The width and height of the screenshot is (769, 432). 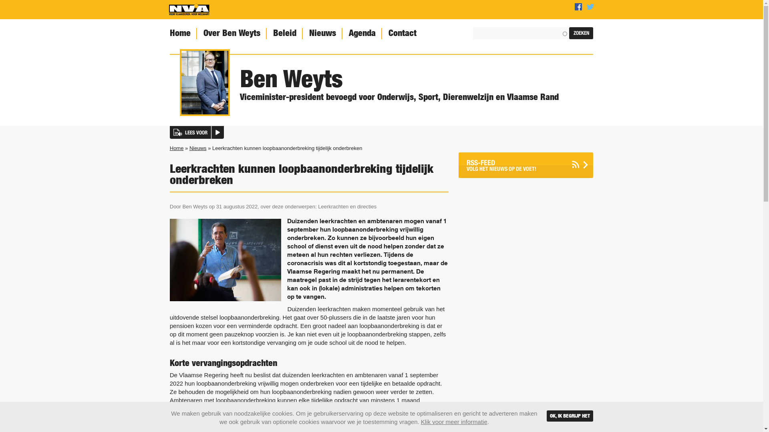 I want to click on 'Geef de woorden op waarnaar u wilt zoeken.', so click(x=521, y=33).